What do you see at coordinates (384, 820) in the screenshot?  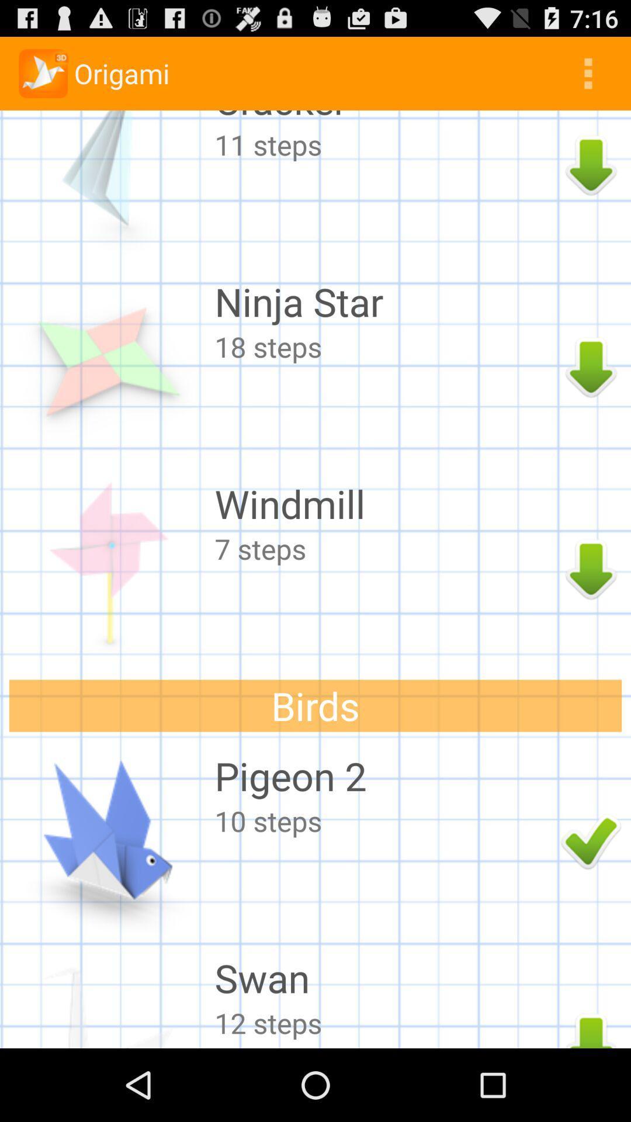 I see `10 steps item` at bounding box center [384, 820].